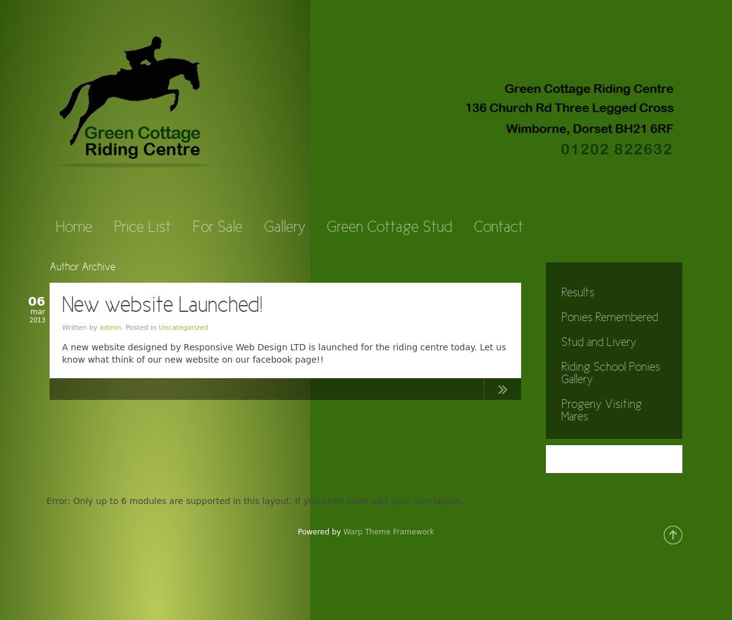 This screenshot has height=620, width=732. I want to click on 'Author Archive', so click(81, 268).